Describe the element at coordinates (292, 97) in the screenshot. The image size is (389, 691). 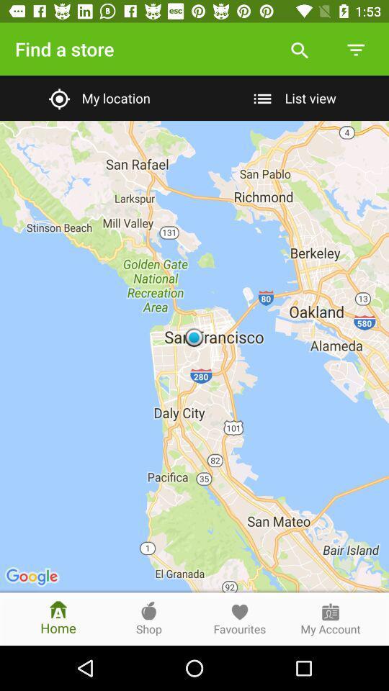
I see `the list view` at that location.